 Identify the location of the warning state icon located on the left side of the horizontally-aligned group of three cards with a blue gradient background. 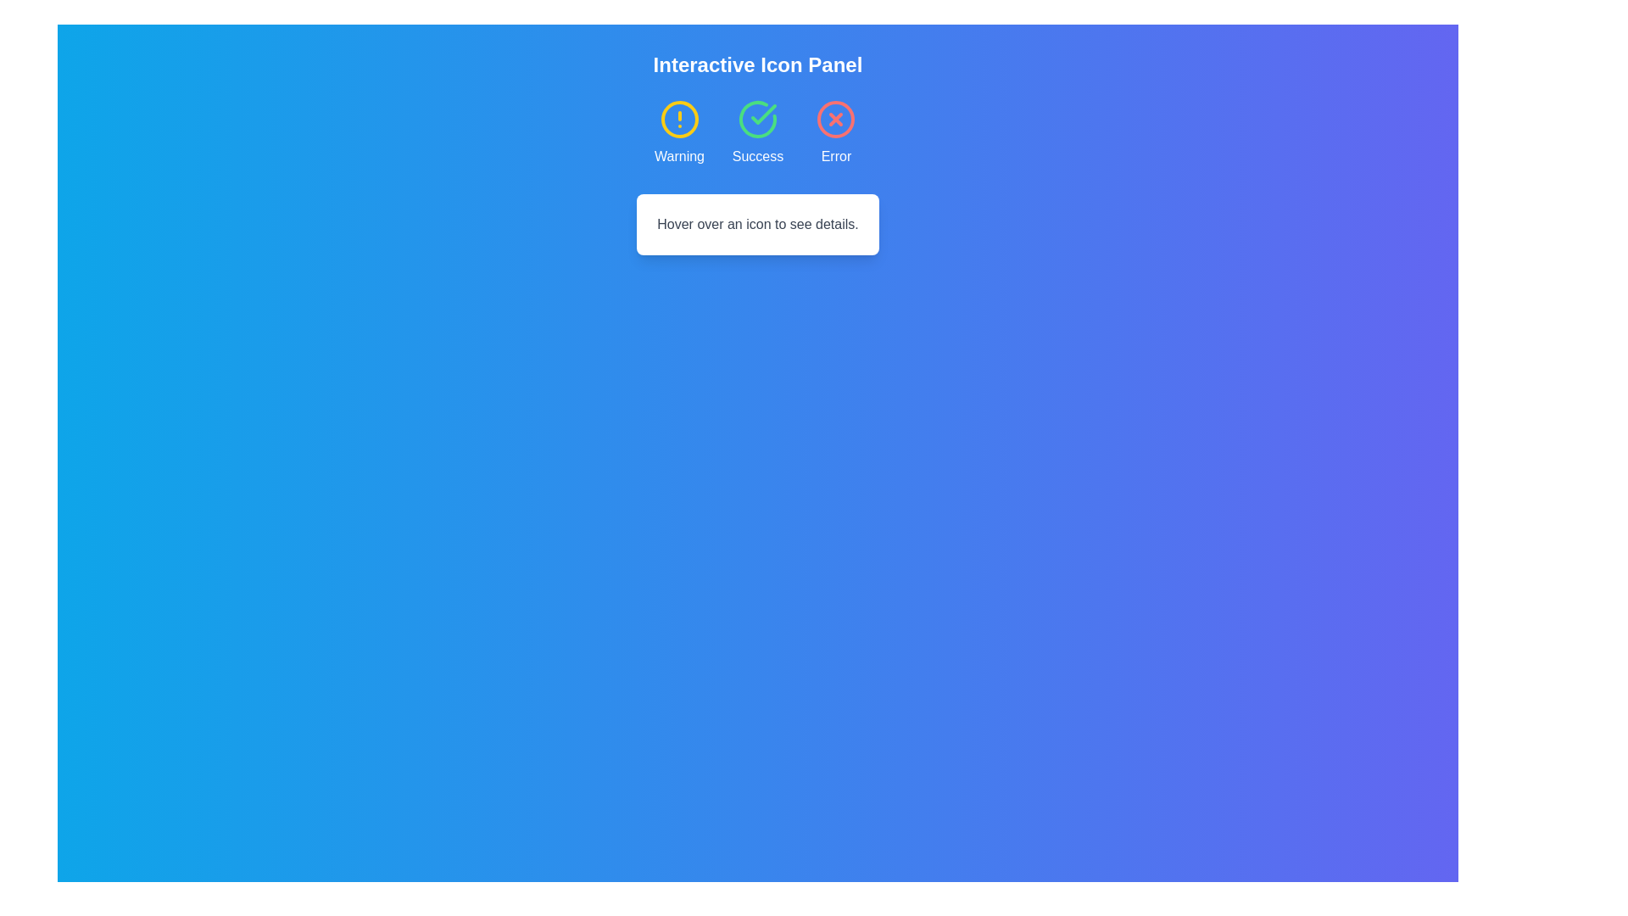
(679, 132).